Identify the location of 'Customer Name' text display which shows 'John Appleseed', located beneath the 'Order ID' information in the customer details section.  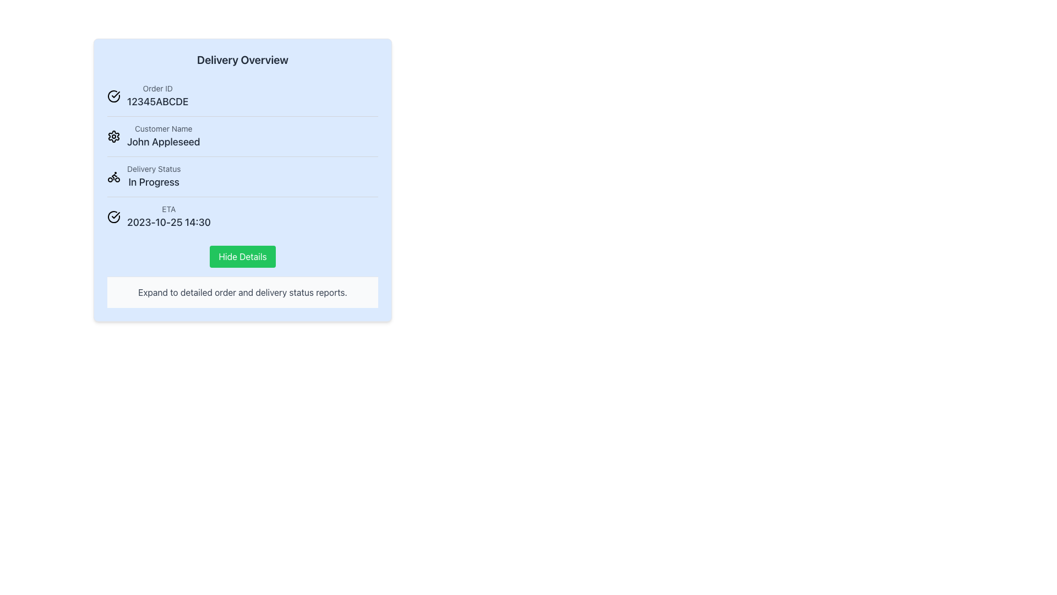
(163, 136).